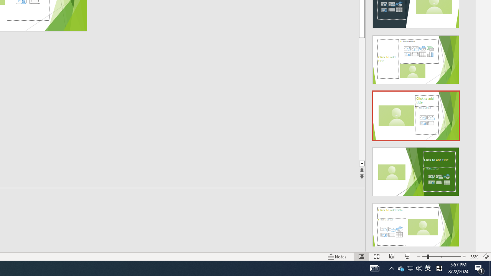  Describe the element at coordinates (337, 256) in the screenshot. I see `'Notes '` at that location.